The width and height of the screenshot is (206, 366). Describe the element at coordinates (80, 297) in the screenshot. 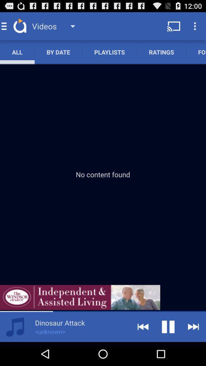

I see `advertisement` at that location.